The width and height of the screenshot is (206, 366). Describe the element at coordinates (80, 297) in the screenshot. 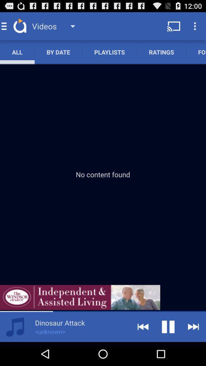

I see `advertisement` at that location.